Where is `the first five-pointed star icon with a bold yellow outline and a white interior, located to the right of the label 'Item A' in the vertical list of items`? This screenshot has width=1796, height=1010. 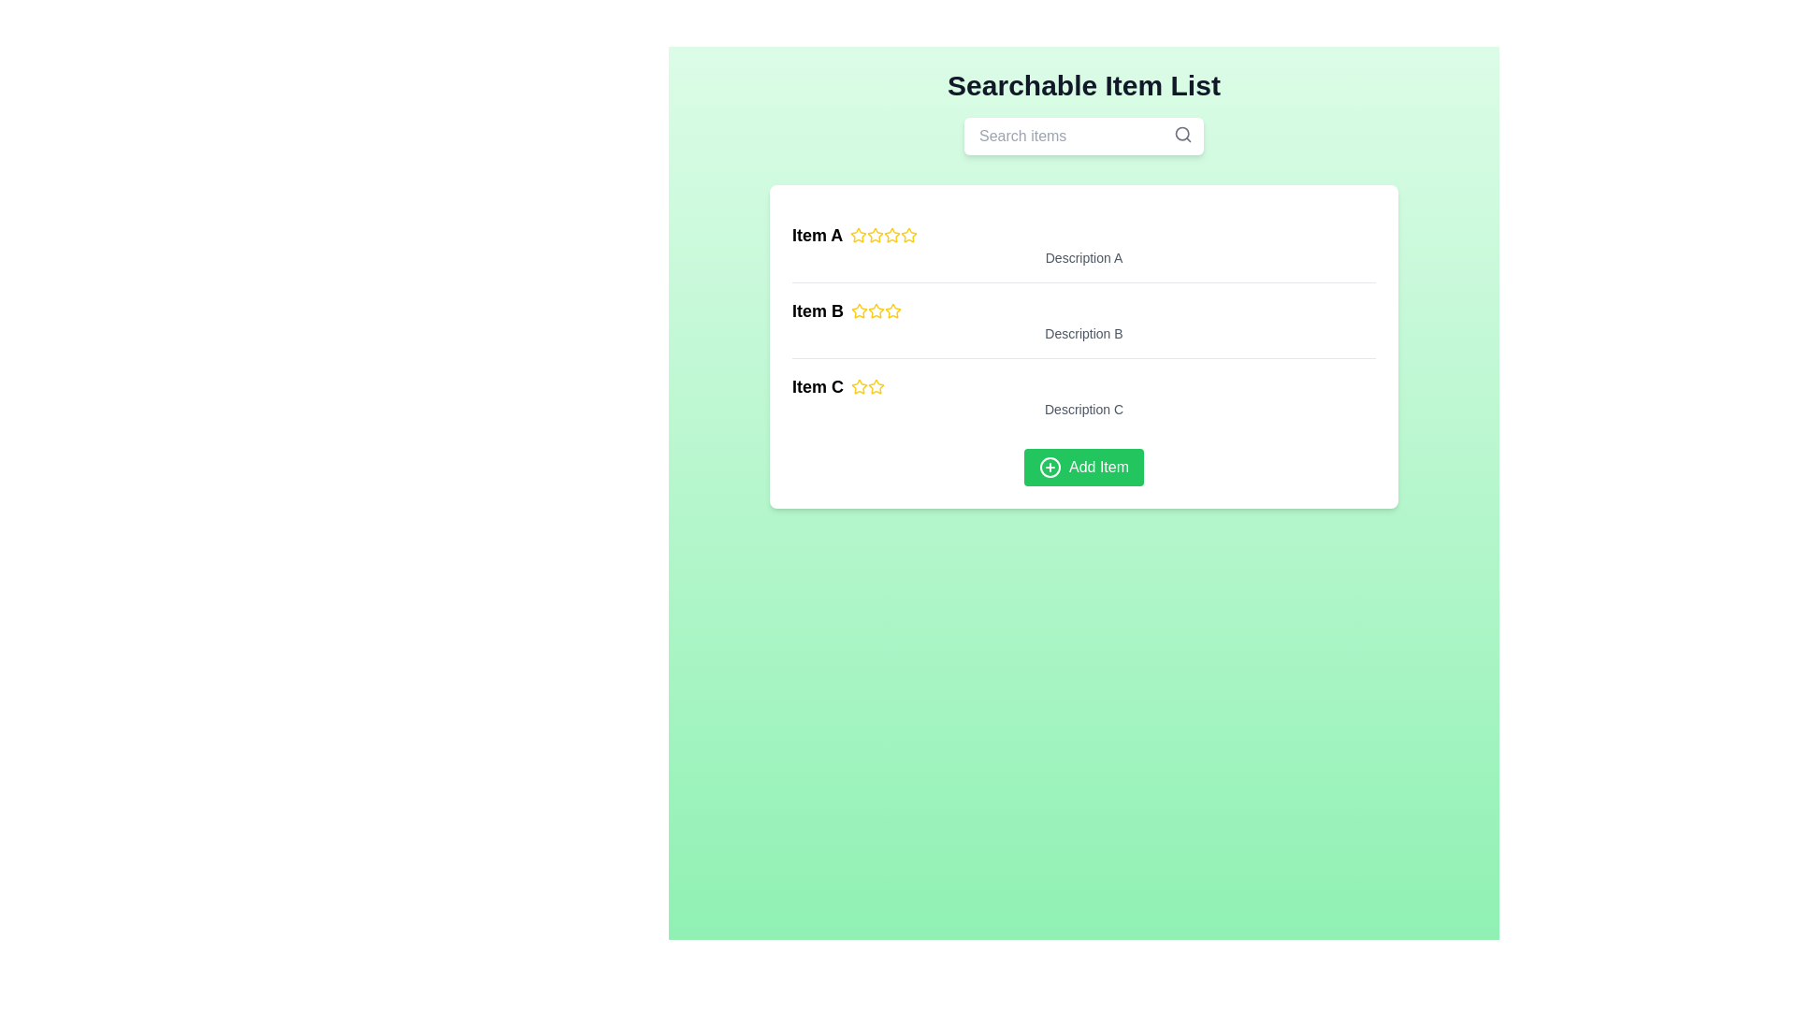 the first five-pointed star icon with a bold yellow outline and a white interior, located to the right of the label 'Item A' in the vertical list of items is located at coordinates (858, 234).